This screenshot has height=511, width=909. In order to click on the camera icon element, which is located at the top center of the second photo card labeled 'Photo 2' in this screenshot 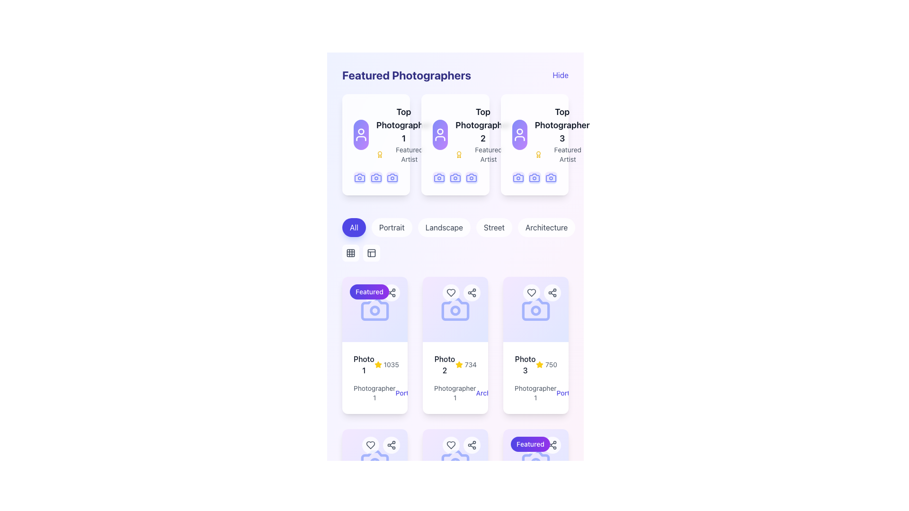, I will do `click(455, 309)`.